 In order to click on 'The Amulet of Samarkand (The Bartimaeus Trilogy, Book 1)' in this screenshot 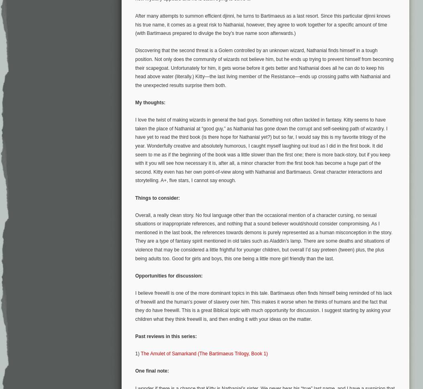, I will do `click(203, 354)`.